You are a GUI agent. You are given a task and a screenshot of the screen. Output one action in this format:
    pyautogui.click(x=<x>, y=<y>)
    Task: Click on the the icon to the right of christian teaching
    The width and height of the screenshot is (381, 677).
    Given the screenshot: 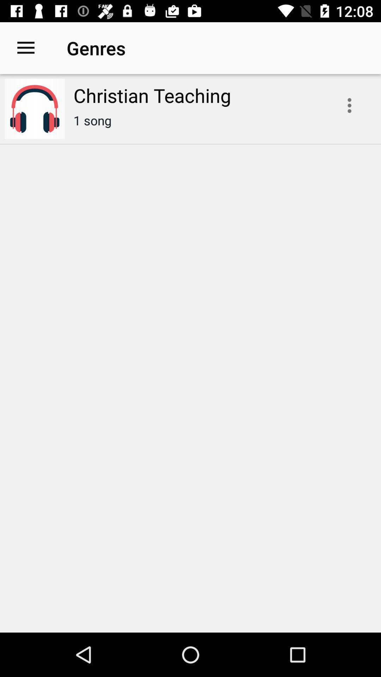 What is the action you would take?
    pyautogui.click(x=349, y=105)
    